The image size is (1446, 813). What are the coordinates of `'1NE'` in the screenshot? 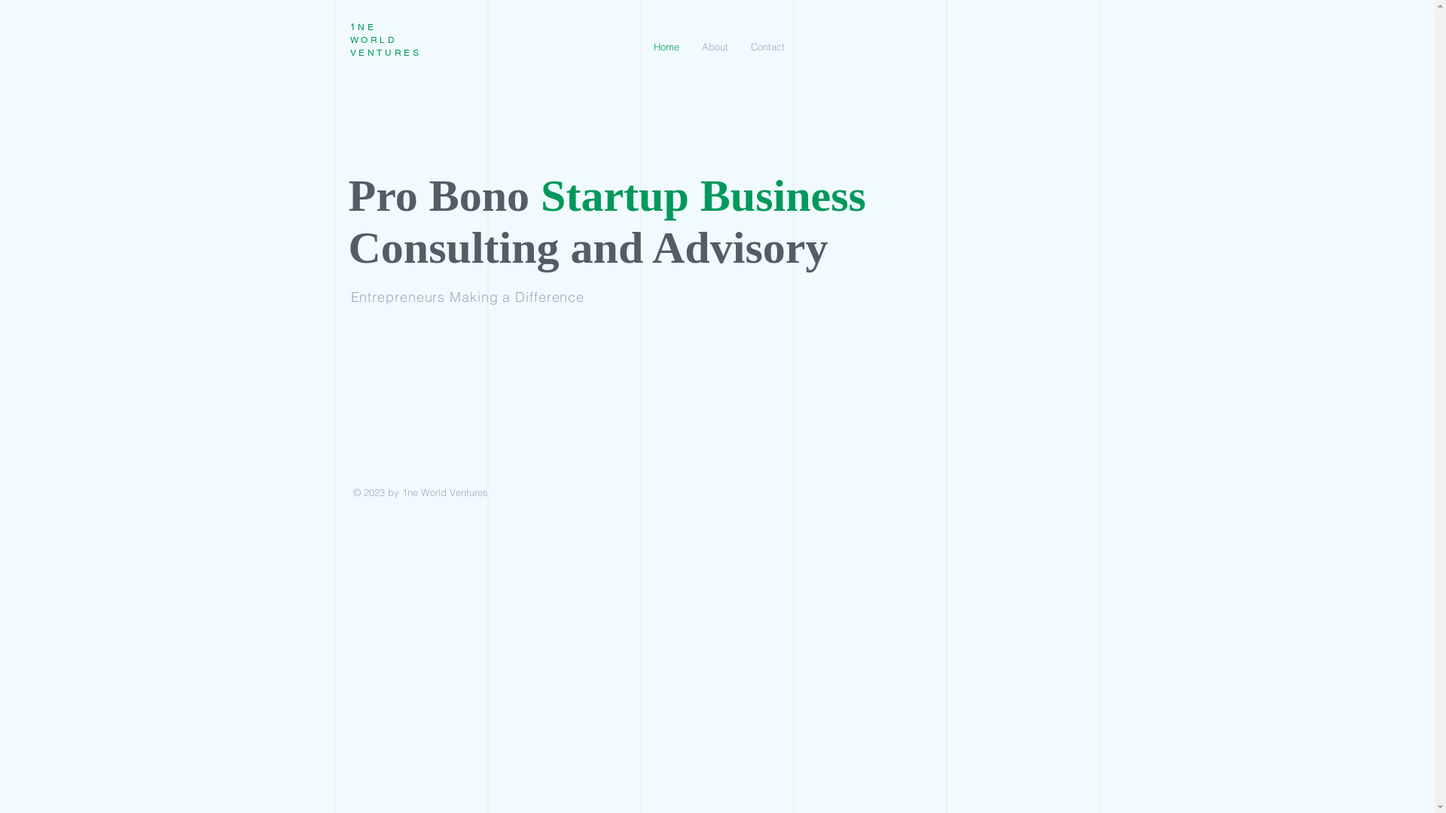 It's located at (362, 26).